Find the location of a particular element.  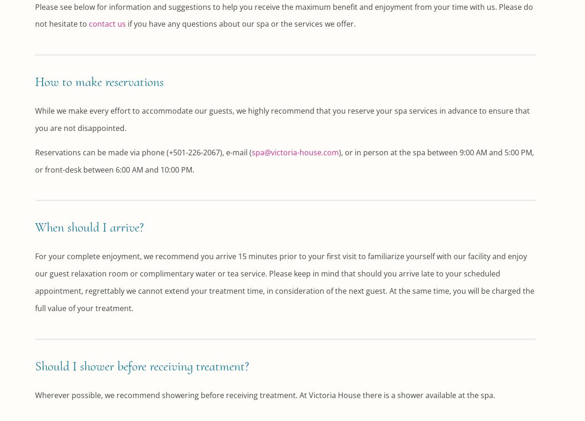

'Reservations can be made via phone (+501-226-2067), e-mail (' is located at coordinates (143, 151).